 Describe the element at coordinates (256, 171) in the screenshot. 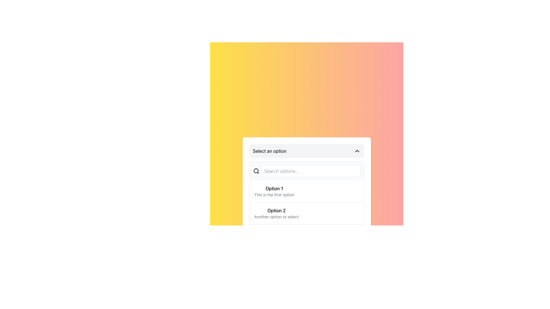

I see `the circular part of the magnifying glass icon located inside the search bar below the header 'Select an option'` at that location.